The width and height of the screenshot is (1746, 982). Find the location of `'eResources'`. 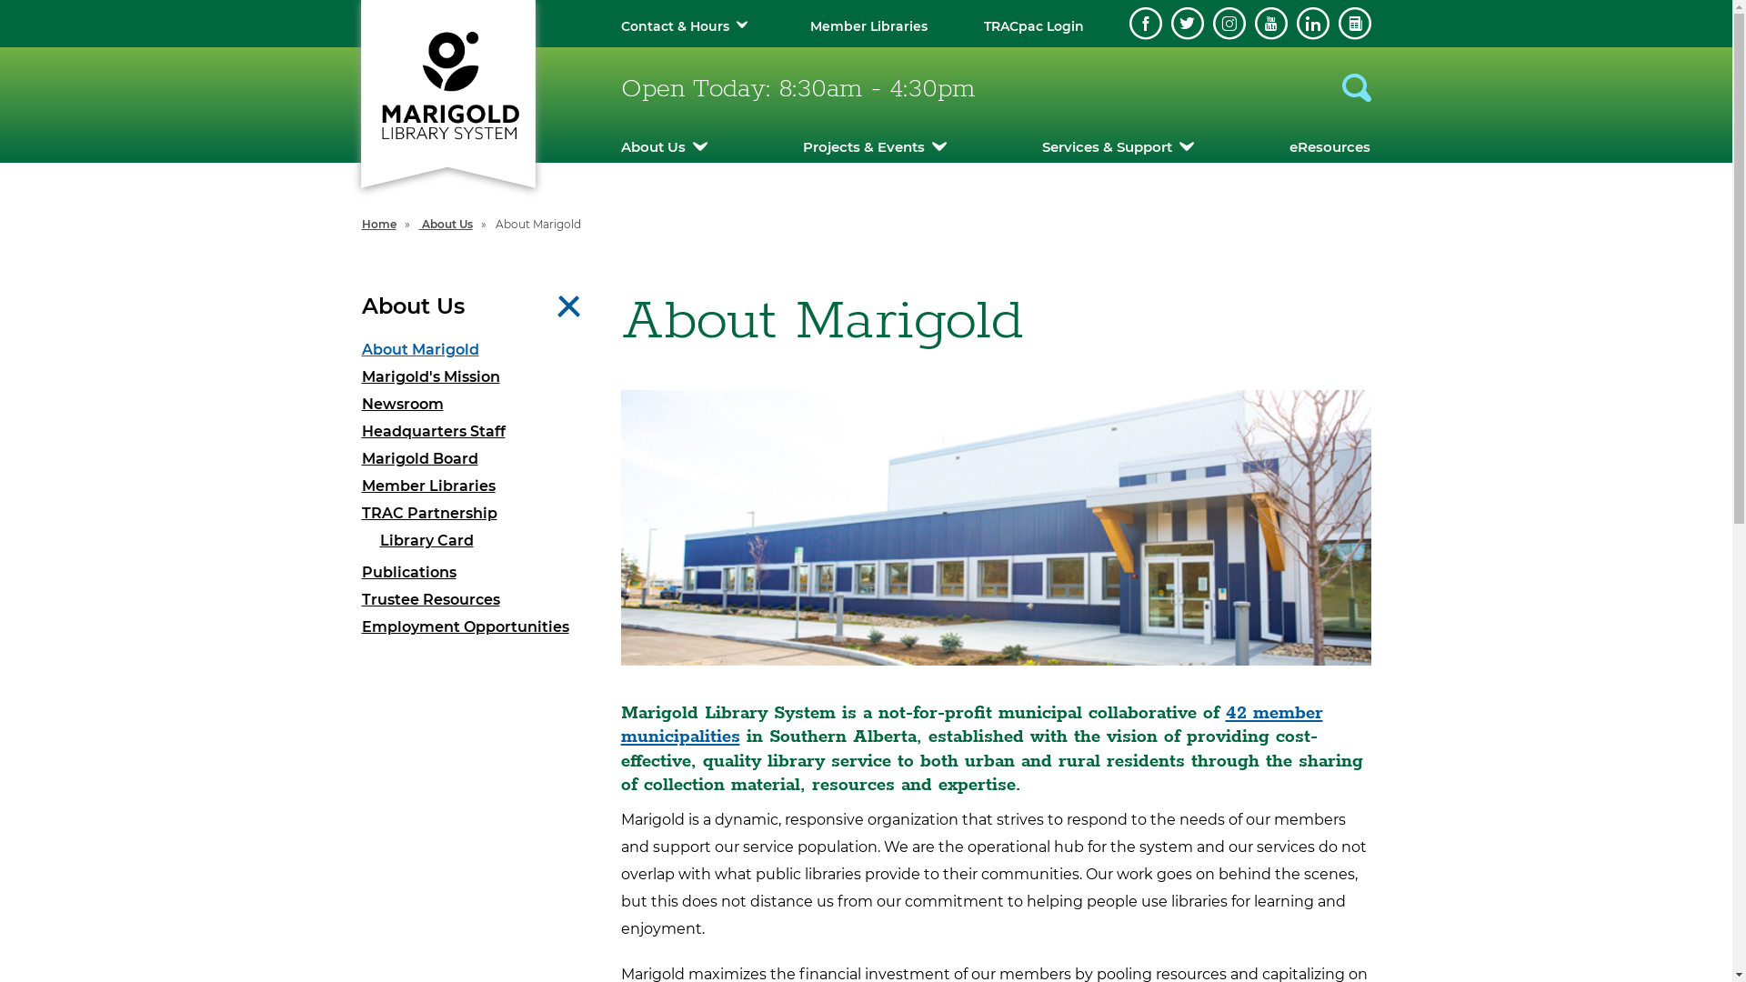

'eResources' is located at coordinates (1288, 145).